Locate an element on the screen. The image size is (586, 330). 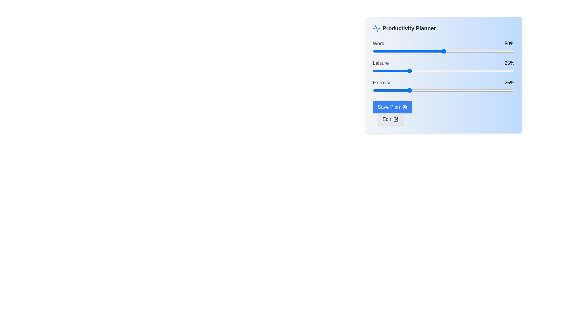
the text 'Productivity Planner' to select it is located at coordinates (443, 31).